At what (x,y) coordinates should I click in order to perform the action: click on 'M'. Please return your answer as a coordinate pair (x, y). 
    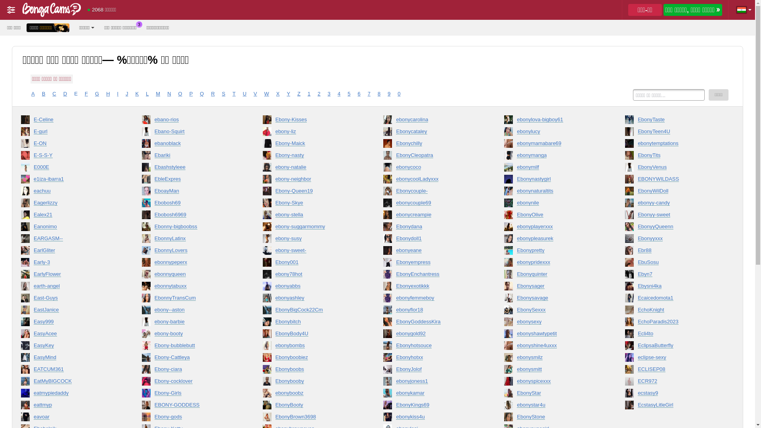
    Looking at the image, I should click on (158, 93).